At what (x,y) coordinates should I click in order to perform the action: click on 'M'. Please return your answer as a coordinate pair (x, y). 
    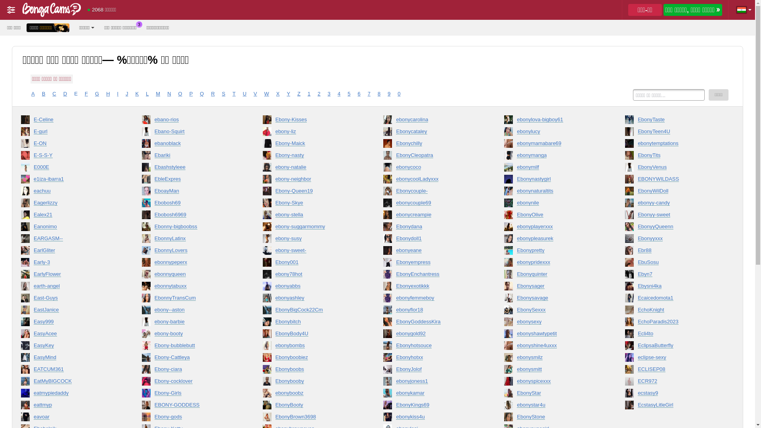
    Looking at the image, I should click on (158, 93).